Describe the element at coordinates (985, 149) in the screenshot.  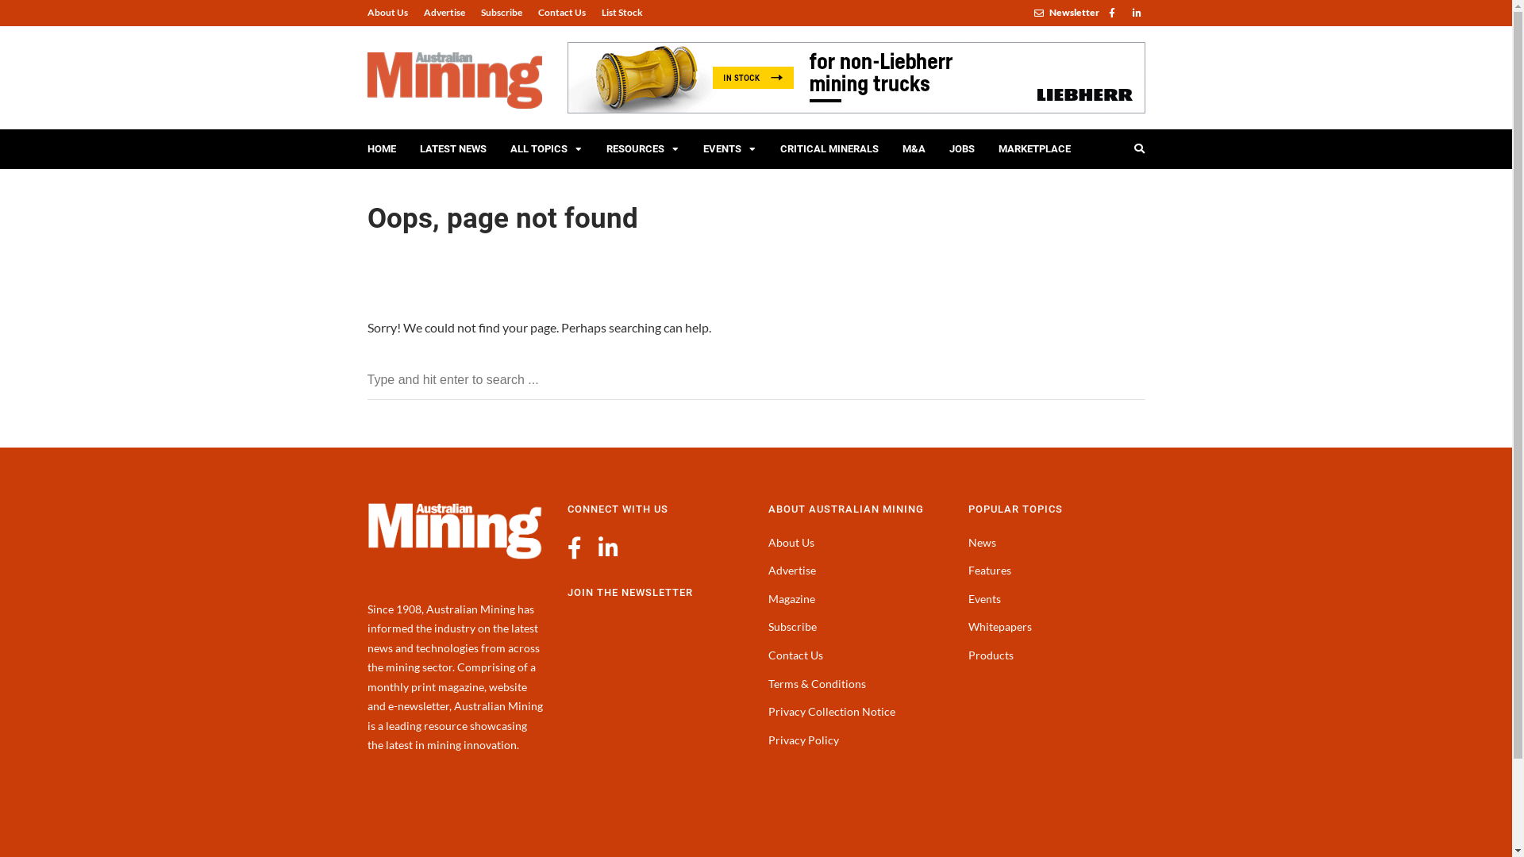
I see `'MARKETPLACE'` at that location.